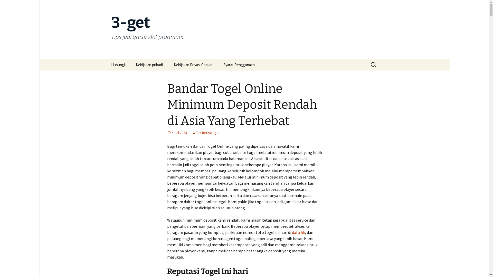 The height and width of the screenshot is (277, 493). Describe the element at coordinates (106, 58) in the screenshot. I see `'Langsung ke isi'` at that location.